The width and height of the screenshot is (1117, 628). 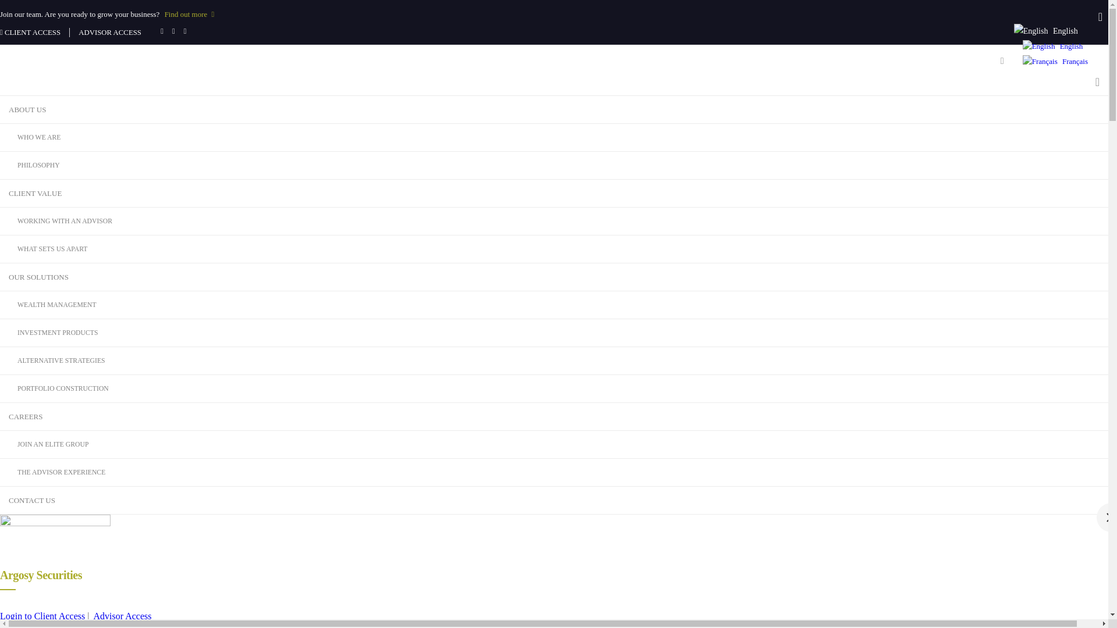 What do you see at coordinates (42, 615) in the screenshot?
I see `'Login to Client Access'` at bounding box center [42, 615].